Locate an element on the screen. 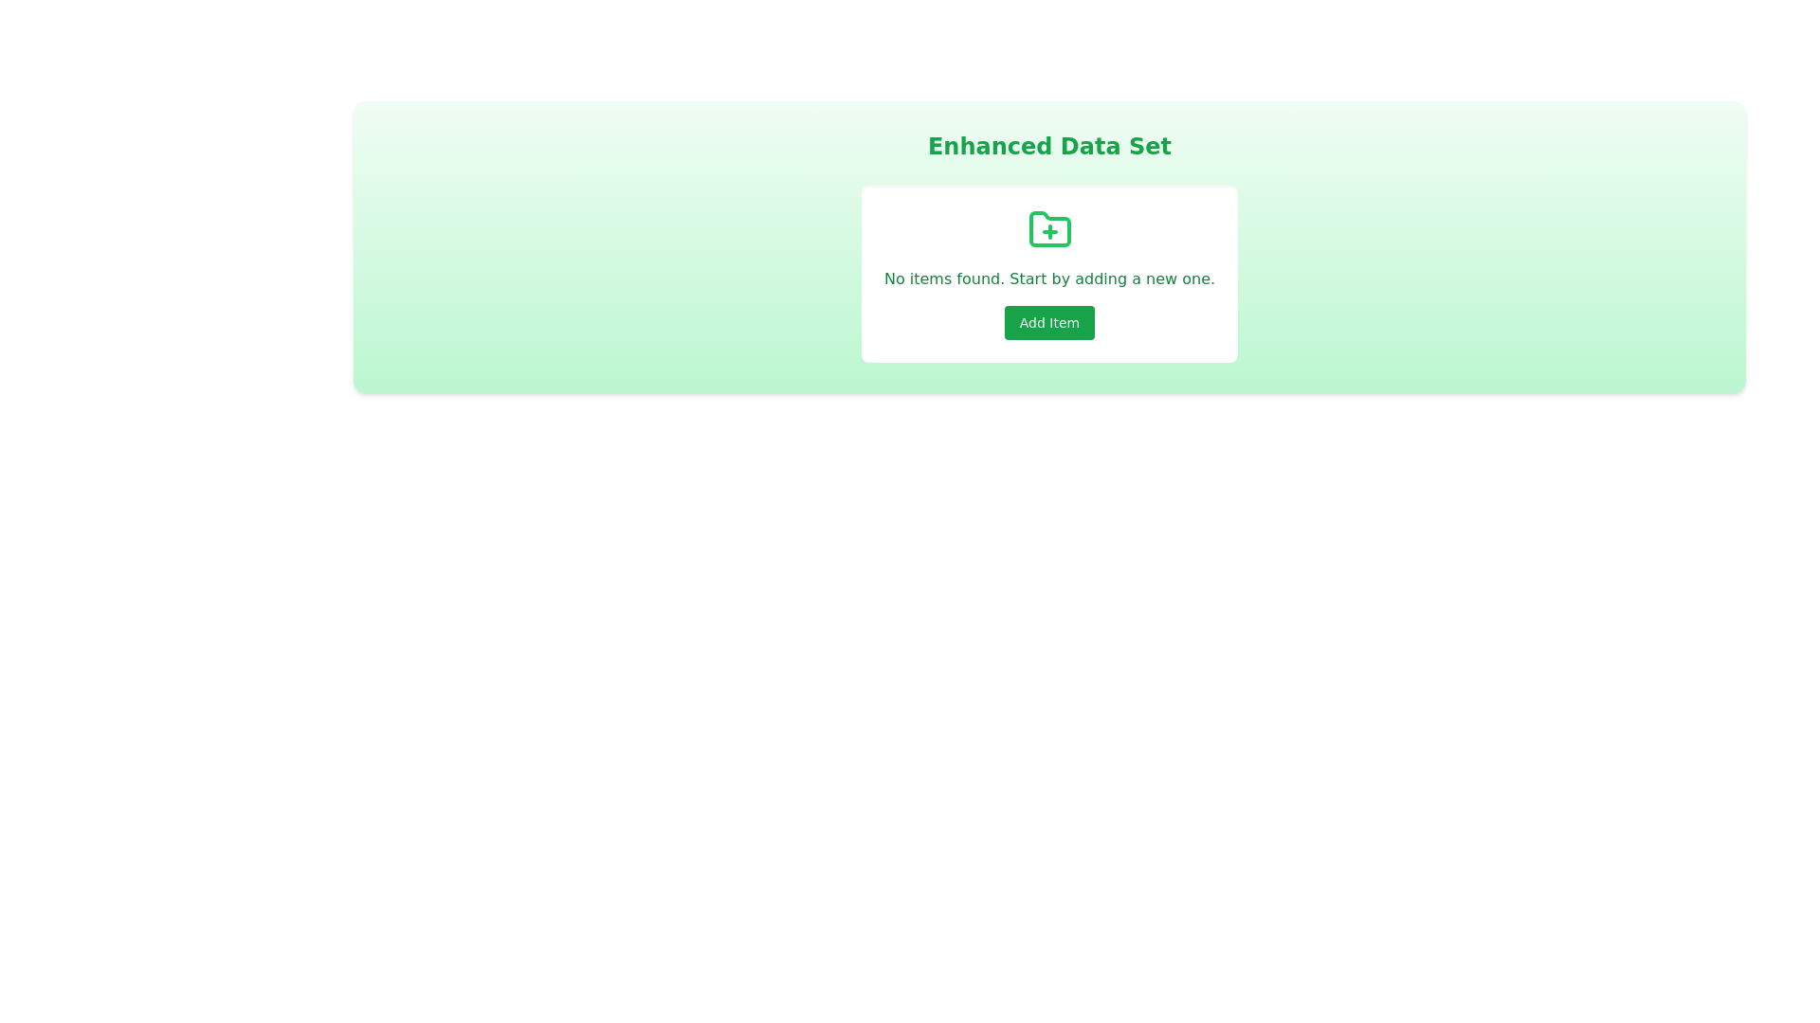  the text display that informs users that no items are currently present, which is centrally aligned within a white box with rounded corners and a drop shadow is located at coordinates (1048, 278).